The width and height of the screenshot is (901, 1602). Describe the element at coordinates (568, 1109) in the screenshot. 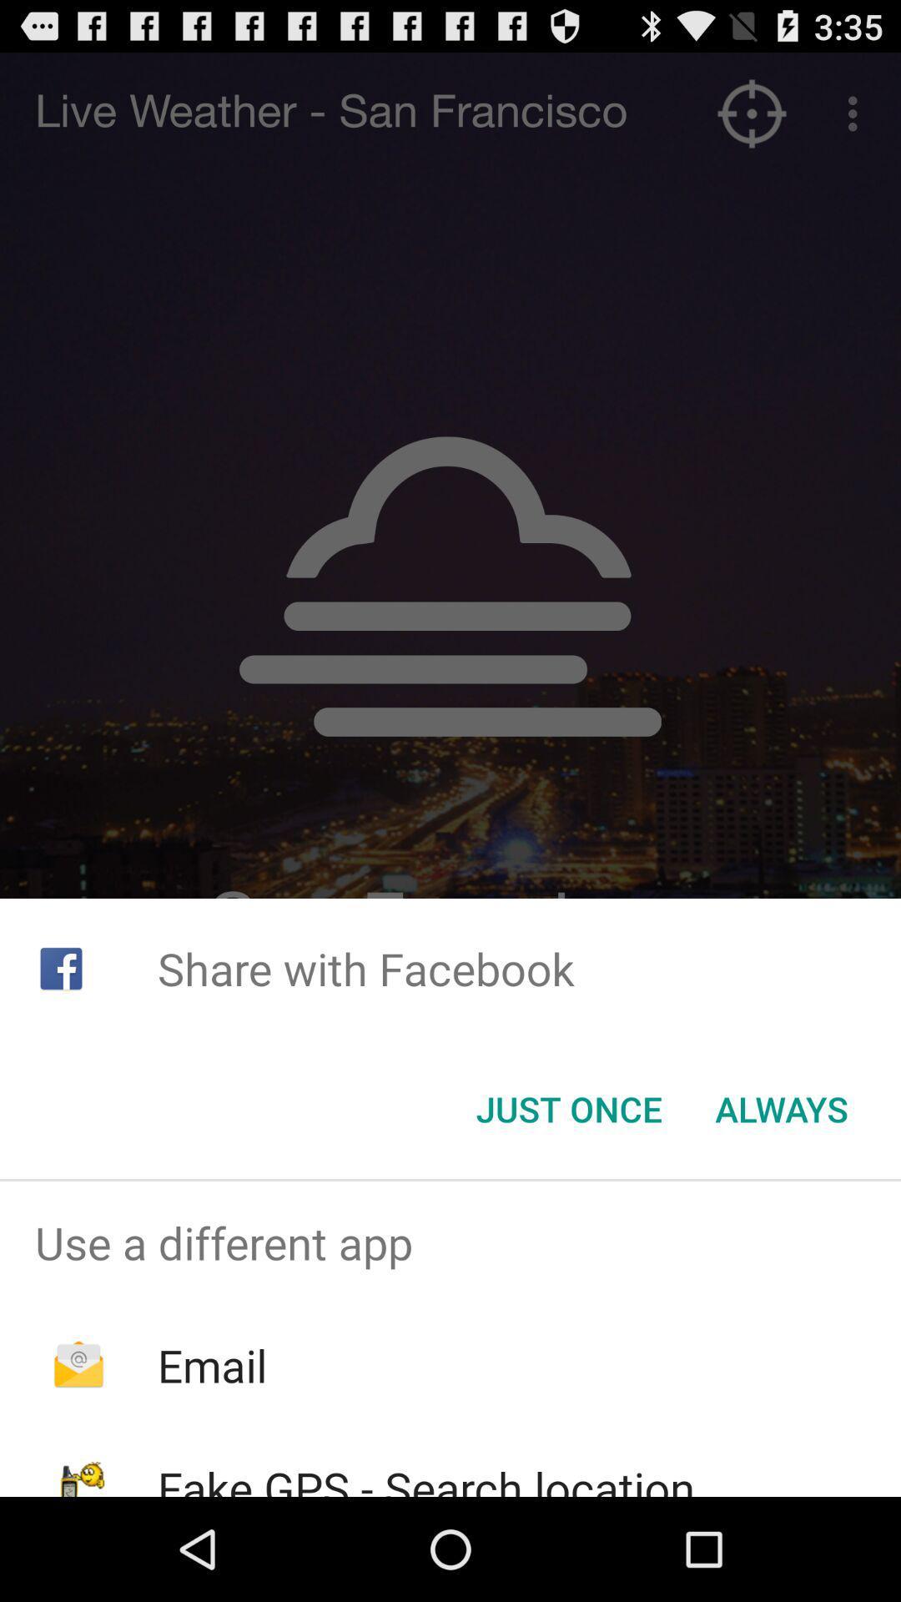

I see `the just once item` at that location.